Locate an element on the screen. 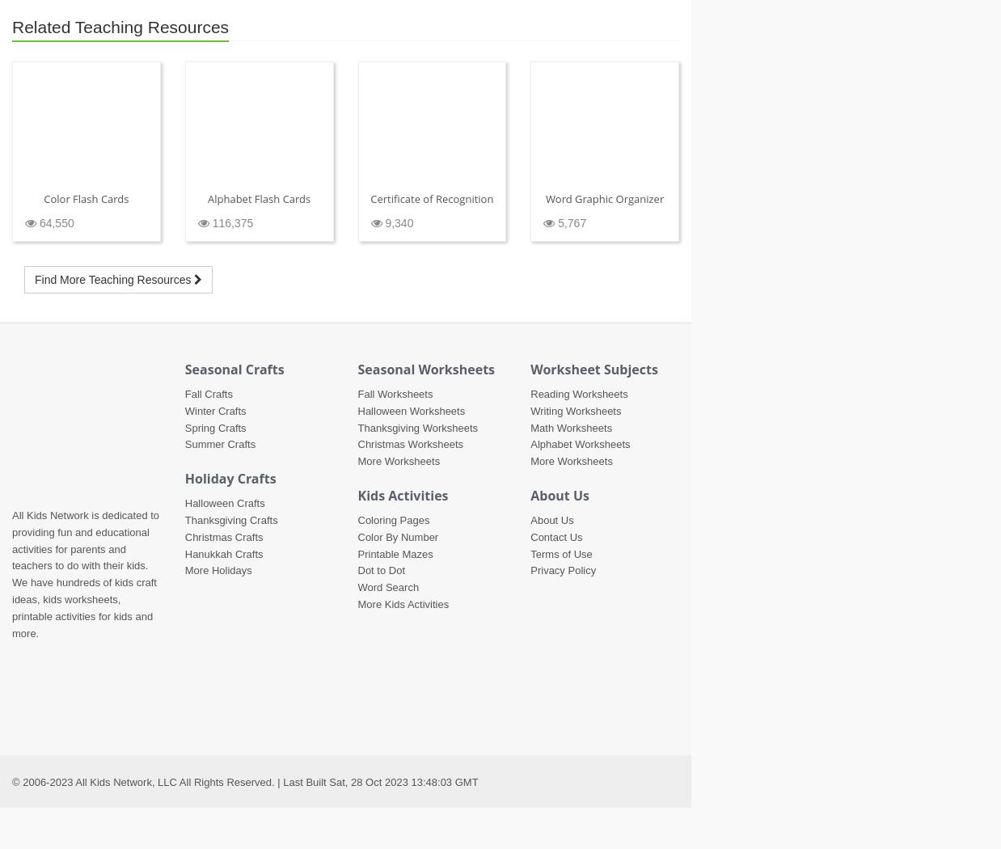  'Halloween Crafts' is located at coordinates (223, 503).